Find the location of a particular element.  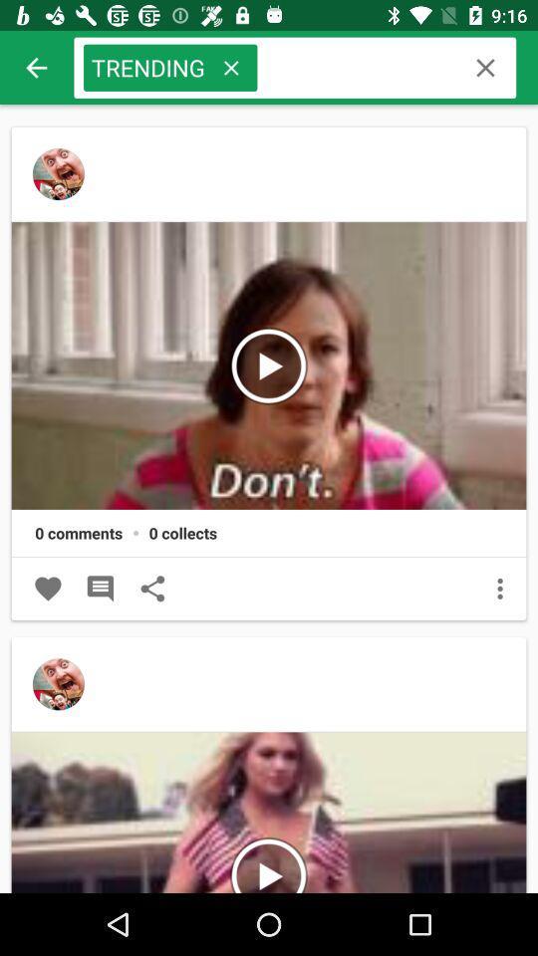

the close icon is located at coordinates (230, 68).